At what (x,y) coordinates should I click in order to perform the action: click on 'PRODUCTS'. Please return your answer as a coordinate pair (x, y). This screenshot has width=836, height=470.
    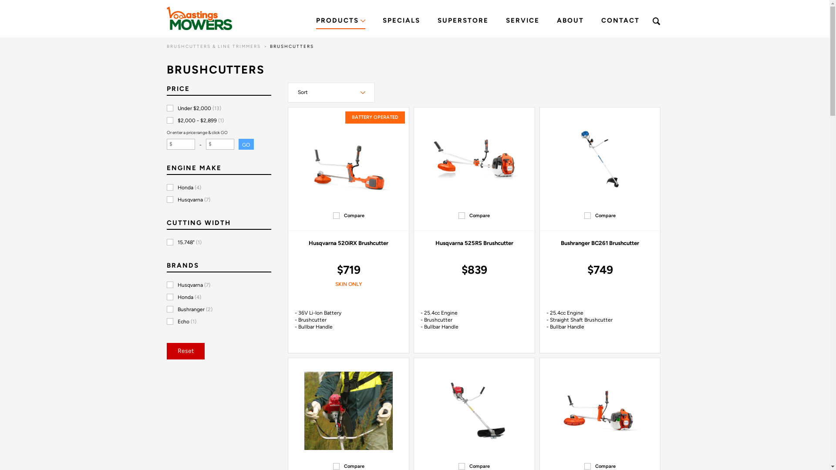
    Looking at the image, I should click on (340, 21).